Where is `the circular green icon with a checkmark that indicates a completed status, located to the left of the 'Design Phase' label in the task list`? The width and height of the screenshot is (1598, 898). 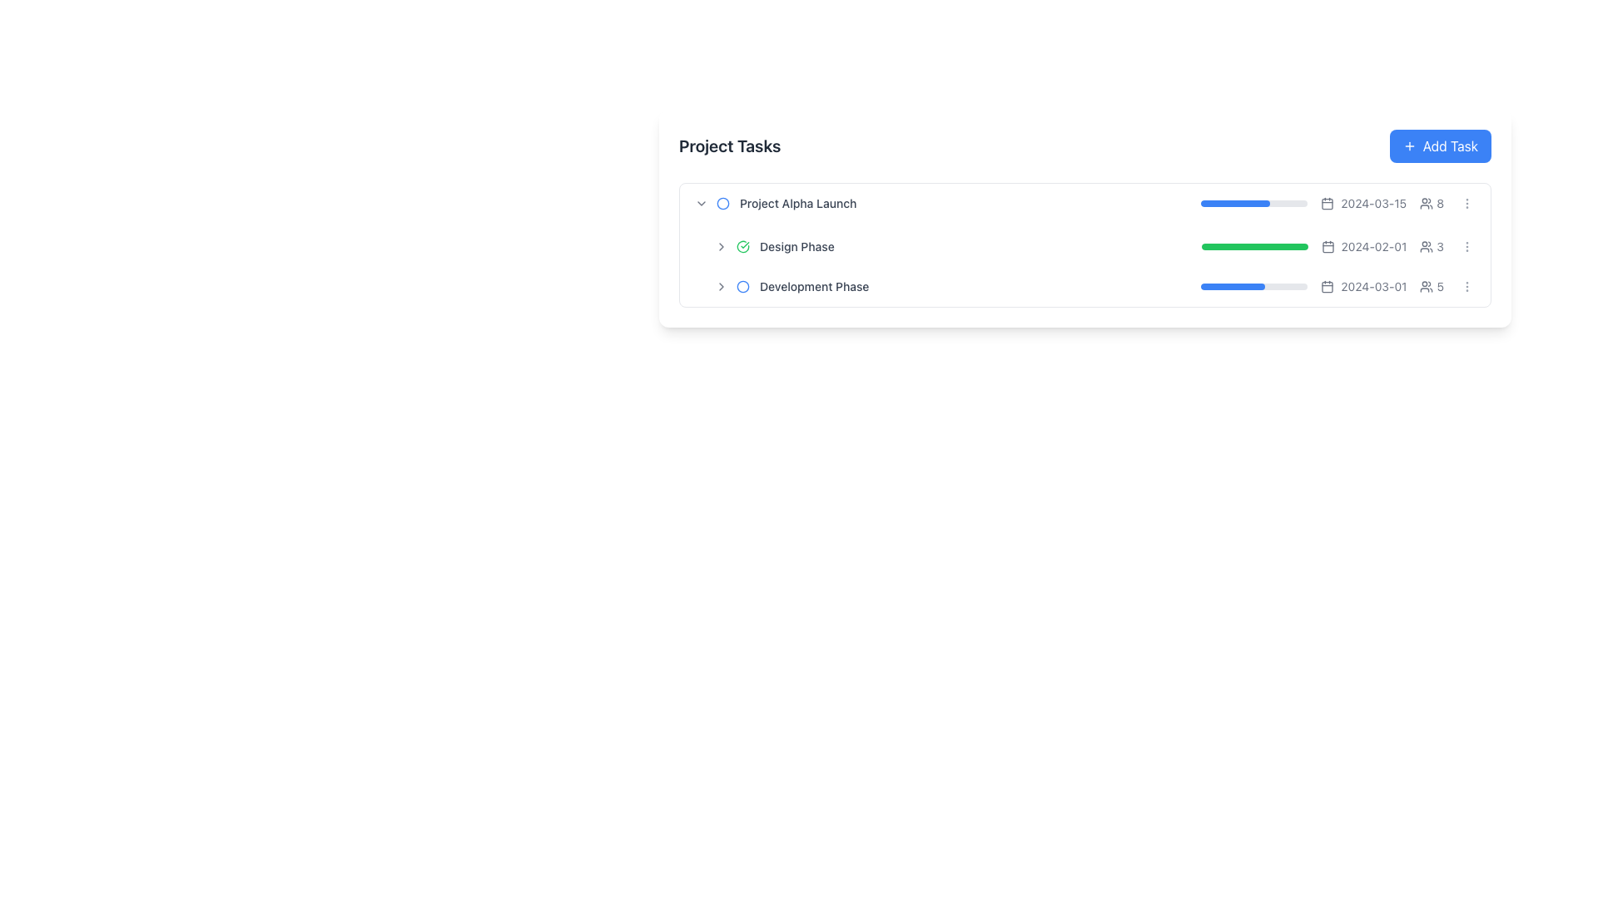 the circular green icon with a checkmark that indicates a completed status, located to the left of the 'Design Phase' label in the task list is located at coordinates (742, 247).